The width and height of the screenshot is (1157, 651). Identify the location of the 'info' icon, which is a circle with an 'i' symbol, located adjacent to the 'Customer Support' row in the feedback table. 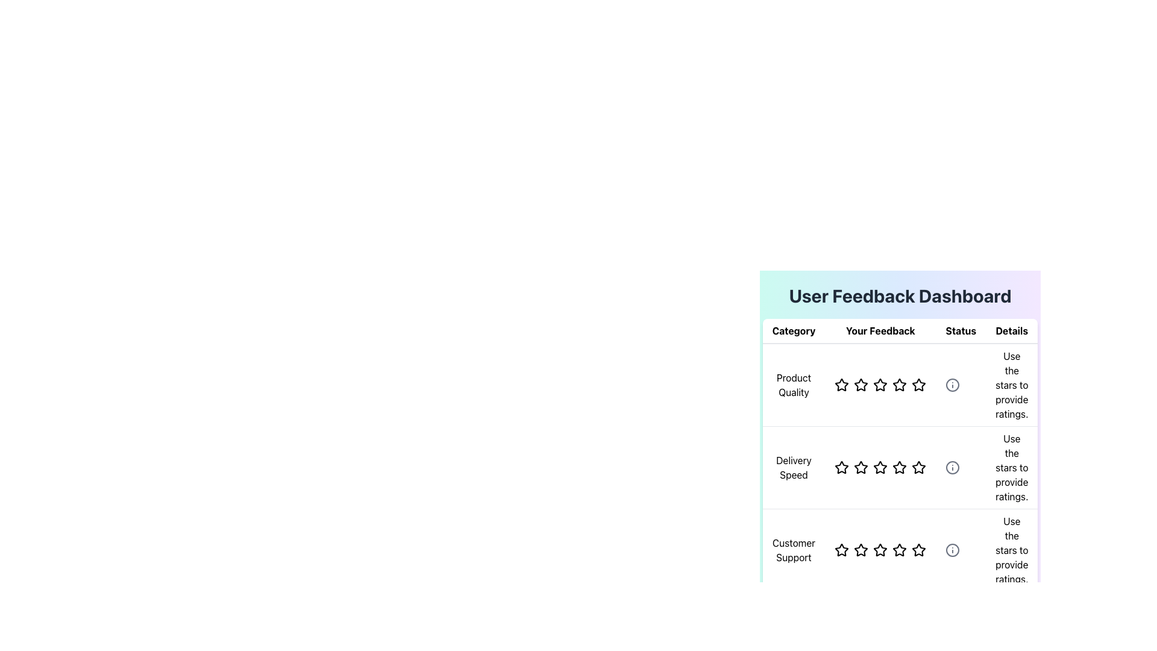
(952, 550).